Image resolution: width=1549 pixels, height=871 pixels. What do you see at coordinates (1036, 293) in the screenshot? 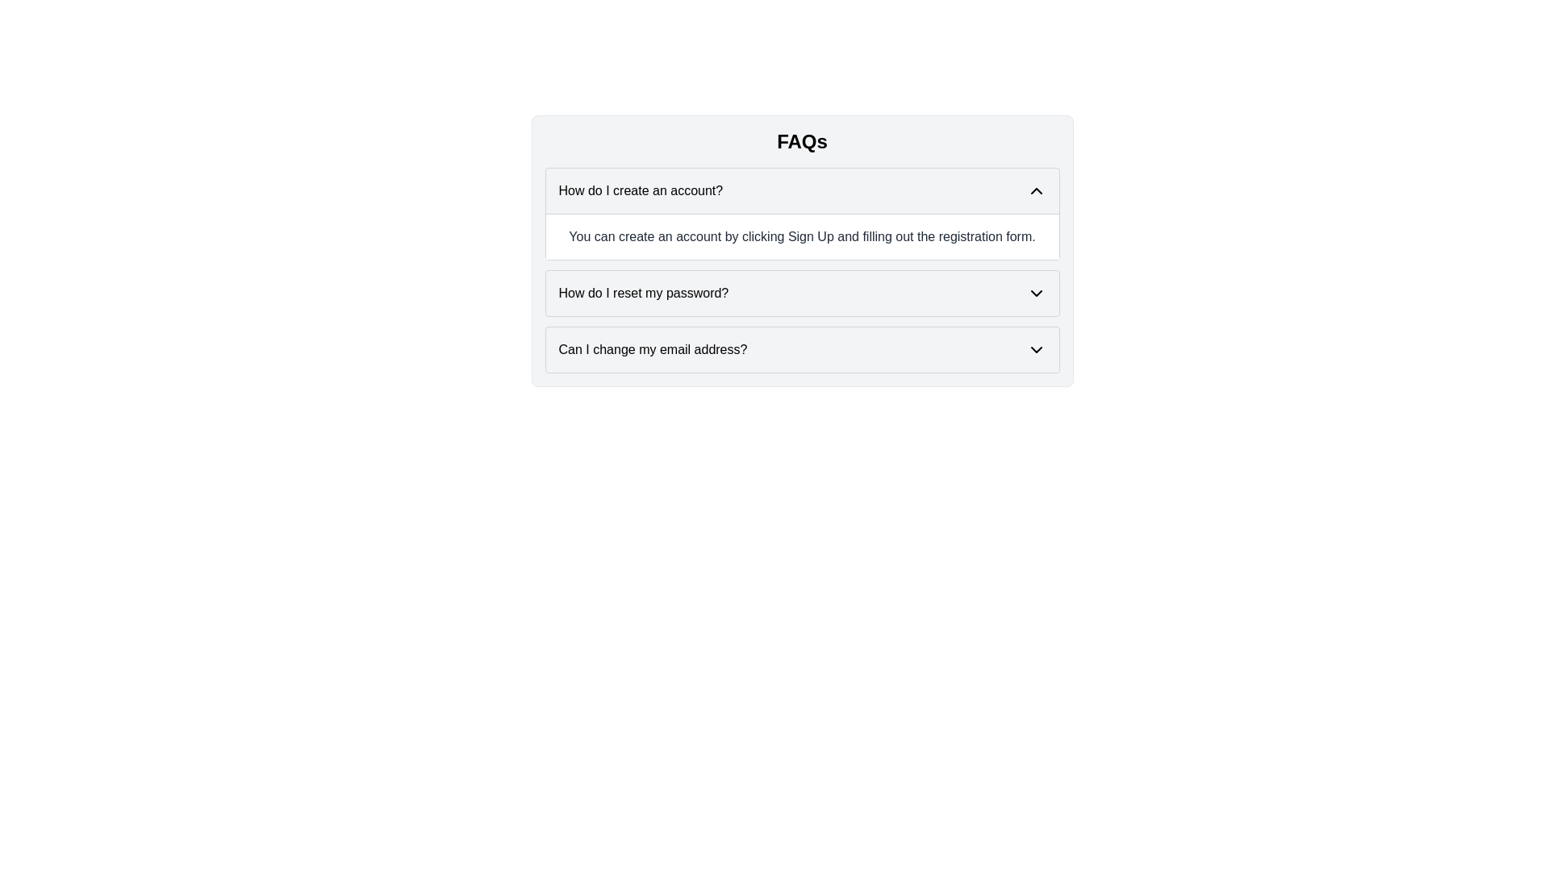
I see `the Chevron Down icon located at the right end of the FAQ item titled 'How do I reset my password?'` at bounding box center [1036, 293].